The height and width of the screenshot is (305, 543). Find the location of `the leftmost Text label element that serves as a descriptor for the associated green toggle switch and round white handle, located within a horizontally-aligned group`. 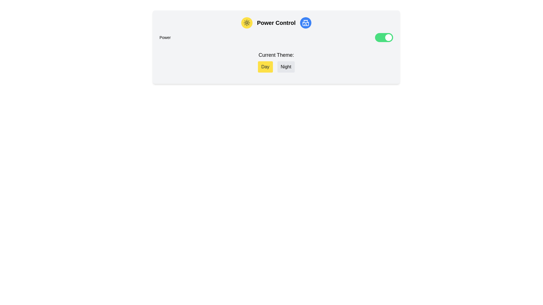

the leftmost Text label element that serves as a descriptor for the associated green toggle switch and round white handle, located within a horizontally-aligned group is located at coordinates (165, 37).